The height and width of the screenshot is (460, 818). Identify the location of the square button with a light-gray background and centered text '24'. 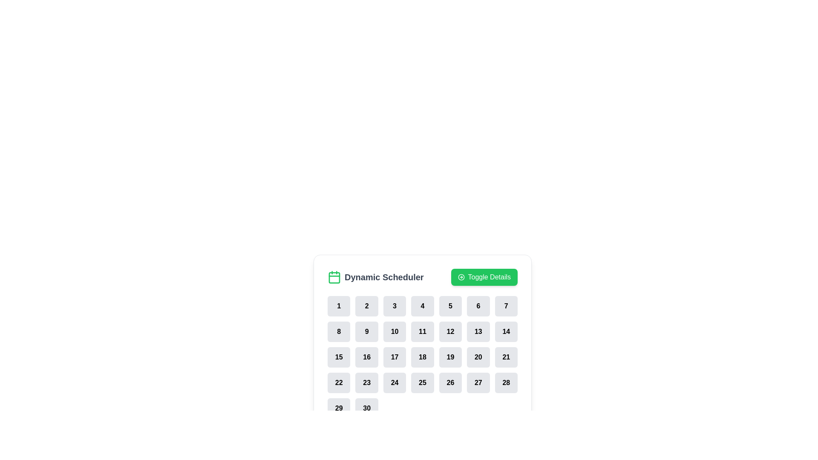
(394, 382).